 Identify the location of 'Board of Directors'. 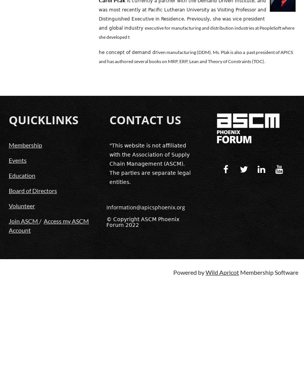
(33, 190).